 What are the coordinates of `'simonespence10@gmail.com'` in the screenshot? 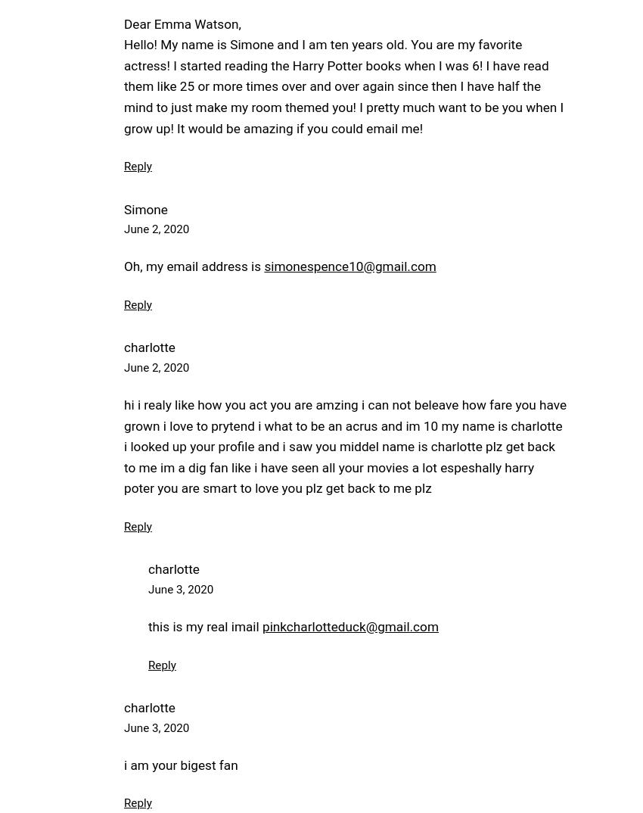 It's located at (349, 265).